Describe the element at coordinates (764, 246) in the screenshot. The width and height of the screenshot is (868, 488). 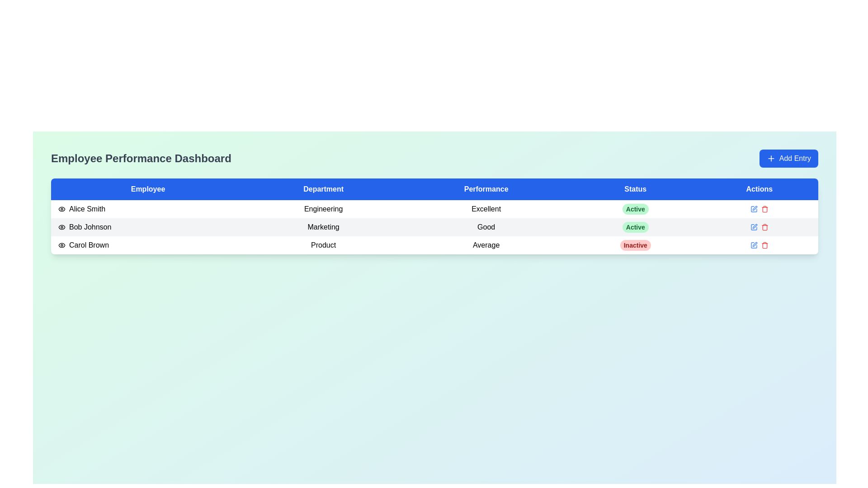
I see `the trash can icon located in the 'Actions' column of the last row of the table` at that location.